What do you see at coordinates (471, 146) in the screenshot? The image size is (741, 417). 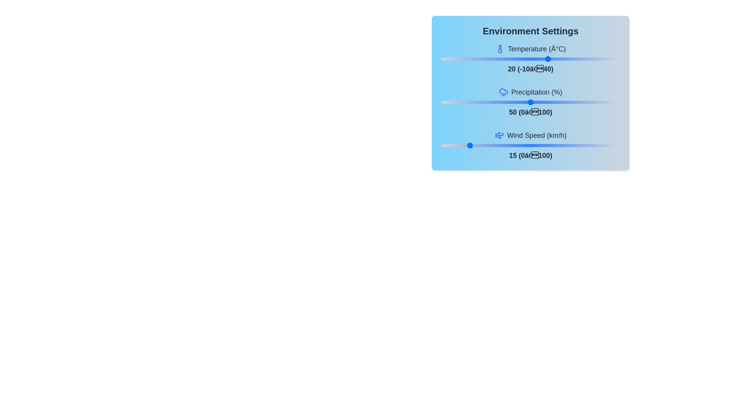 I see `wind speed` at bounding box center [471, 146].